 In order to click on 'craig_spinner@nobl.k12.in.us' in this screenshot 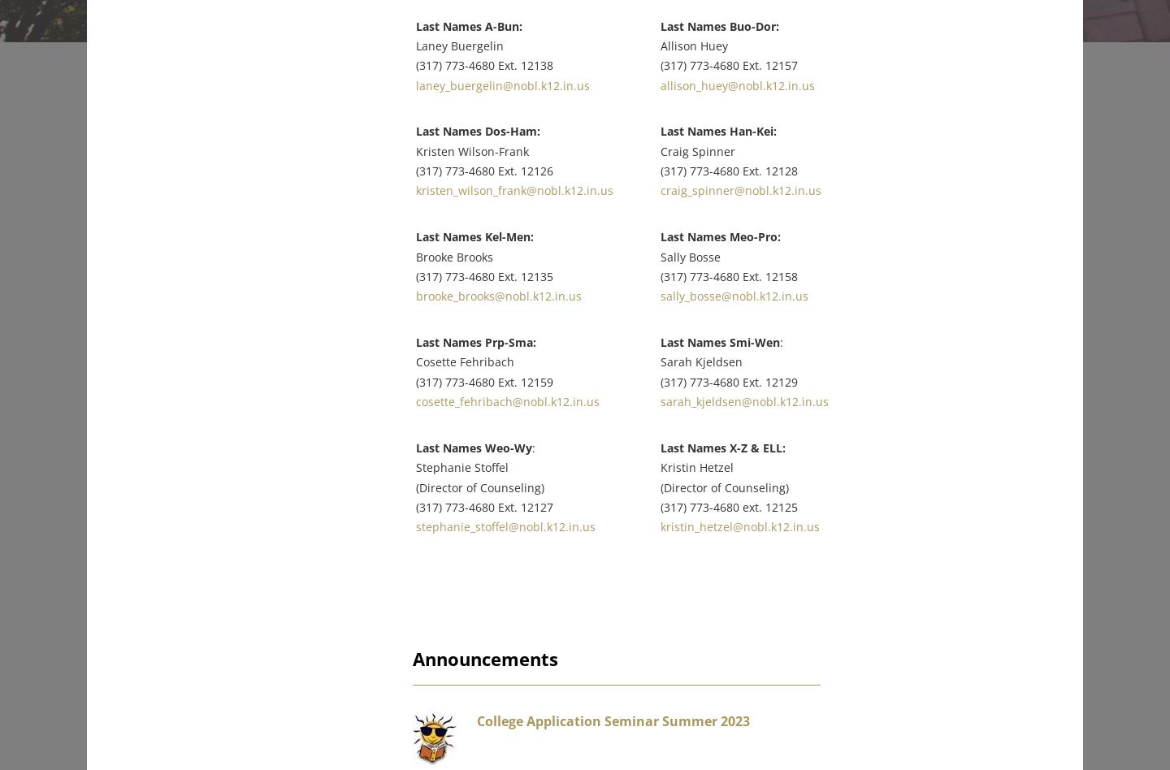, I will do `click(757, 179)`.